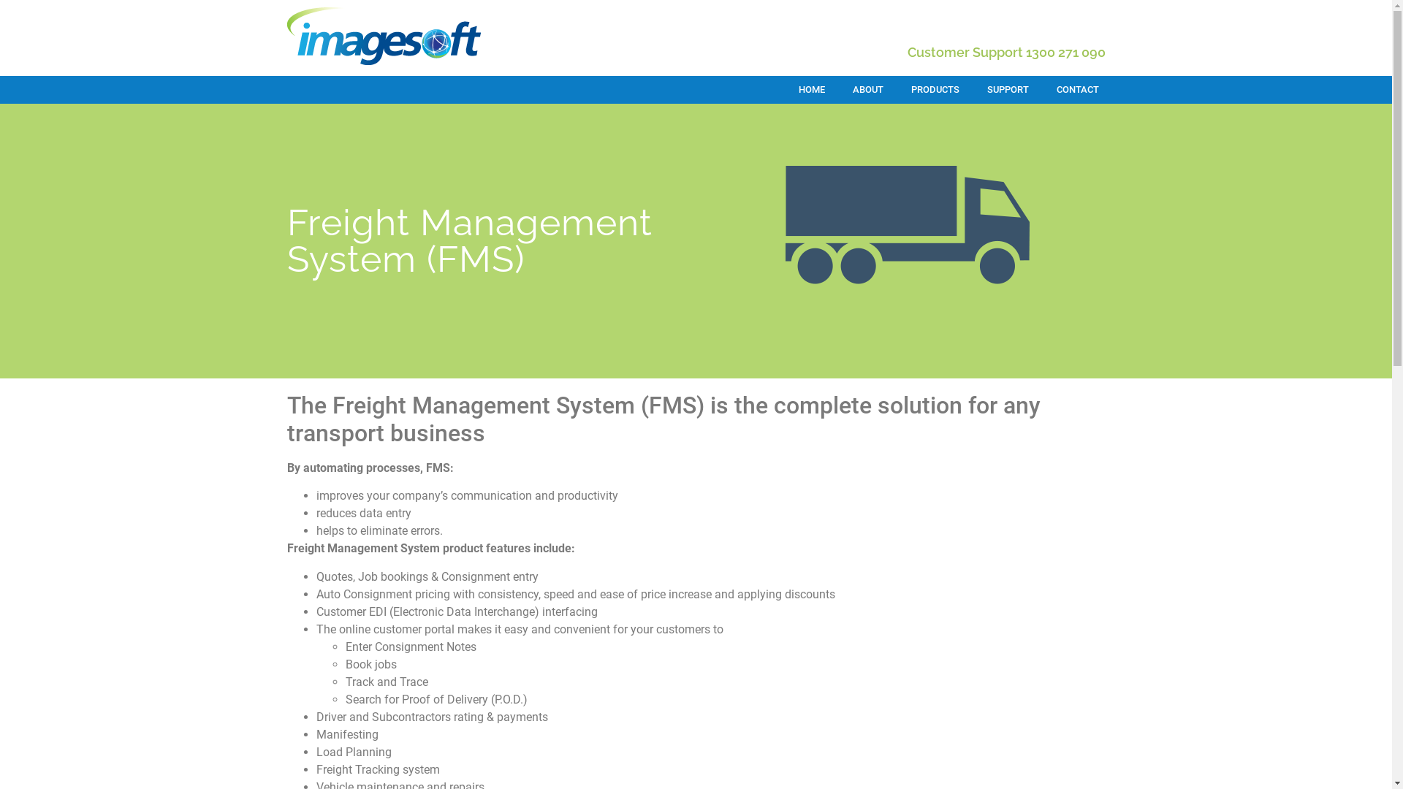 The image size is (1403, 789). Describe the element at coordinates (810, 90) in the screenshot. I see `'HOME'` at that location.